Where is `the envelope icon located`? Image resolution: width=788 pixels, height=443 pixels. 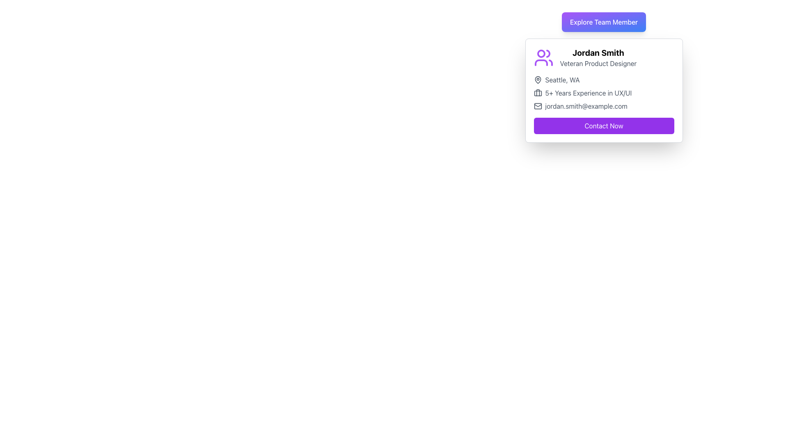
the envelope icon located is located at coordinates (538, 105).